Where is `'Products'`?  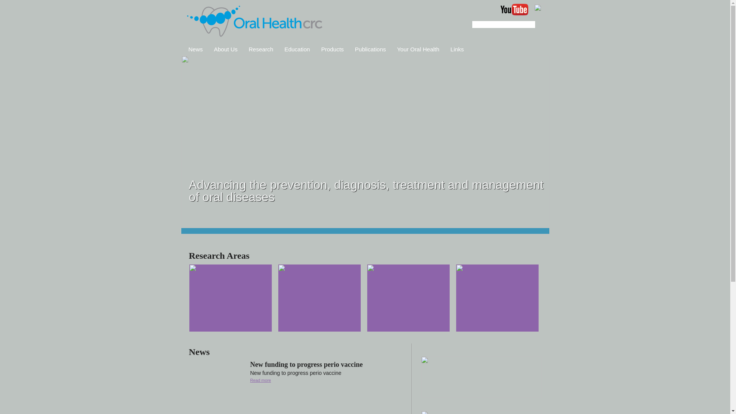 'Products' is located at coordinates (332, 49).